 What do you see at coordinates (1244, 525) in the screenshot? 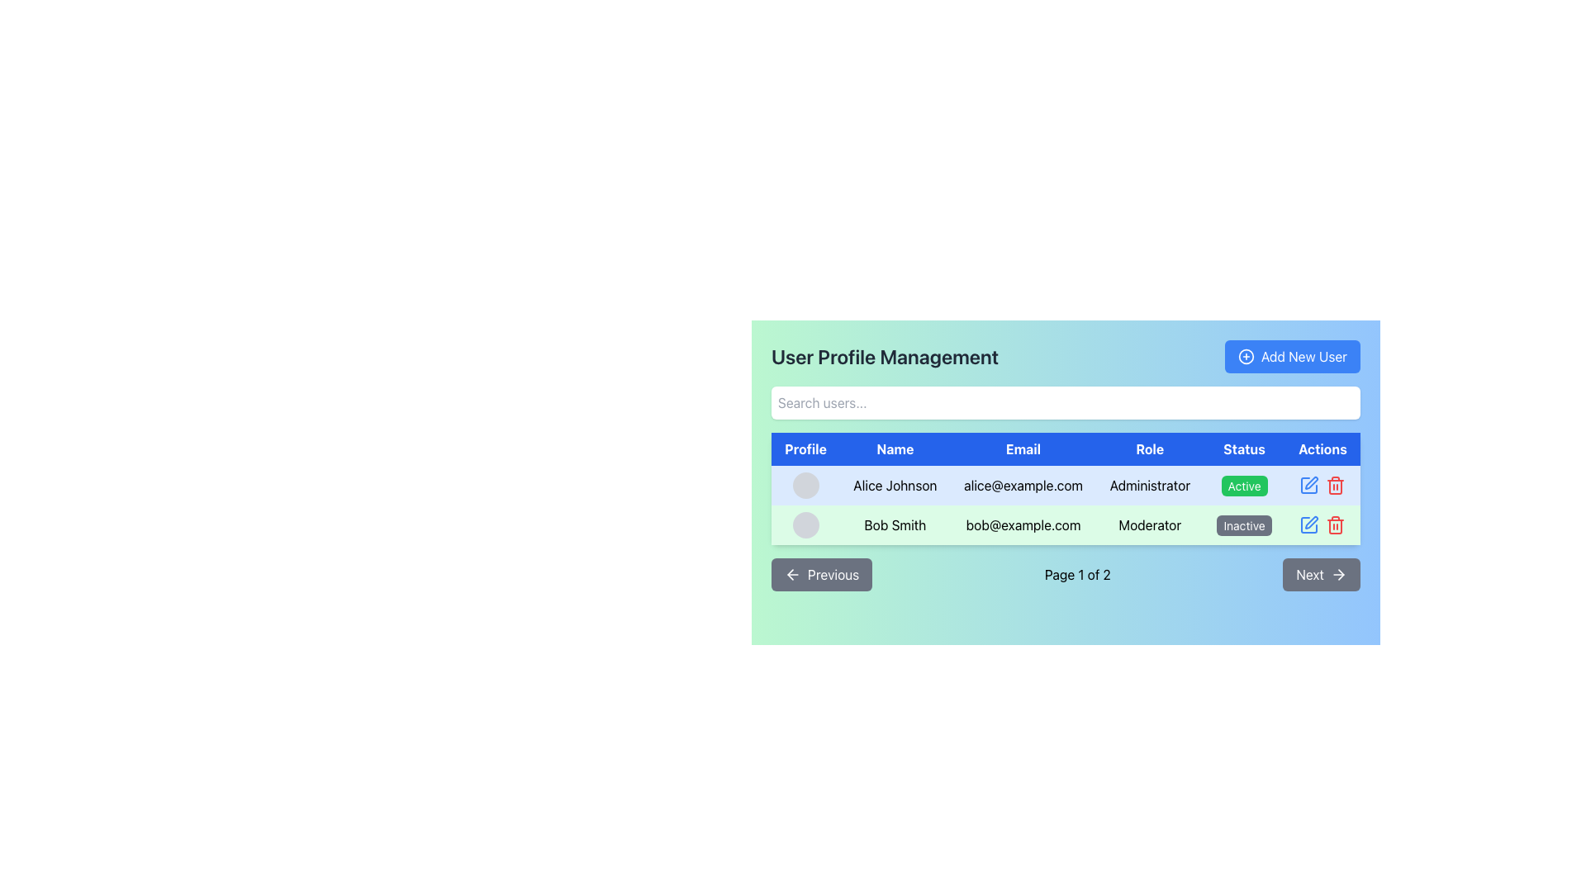
I see `the status indicator button displaying 'Inactive' for user 'Bob Smith' located in the 'Status' column of the second row in the user management table` at bounding box center [1244, 525].